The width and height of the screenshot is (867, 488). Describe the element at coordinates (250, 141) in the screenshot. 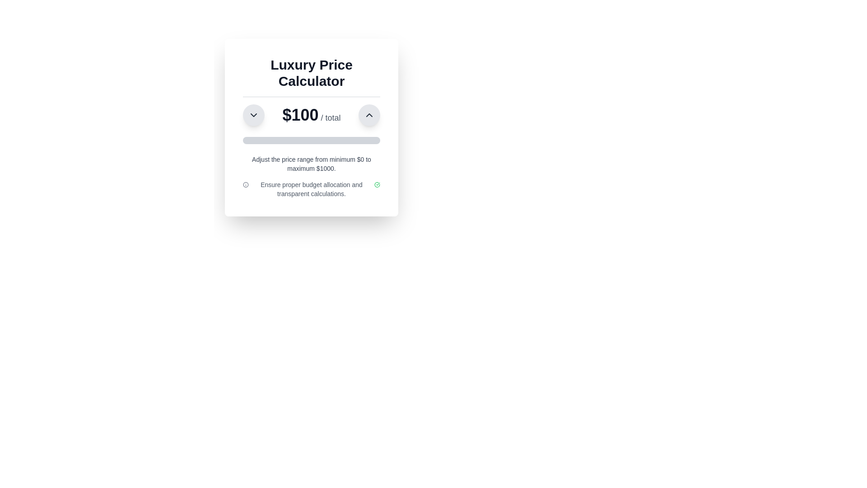

I see `the progress indicator within the progress bar to interact or adjust its value` at that location.